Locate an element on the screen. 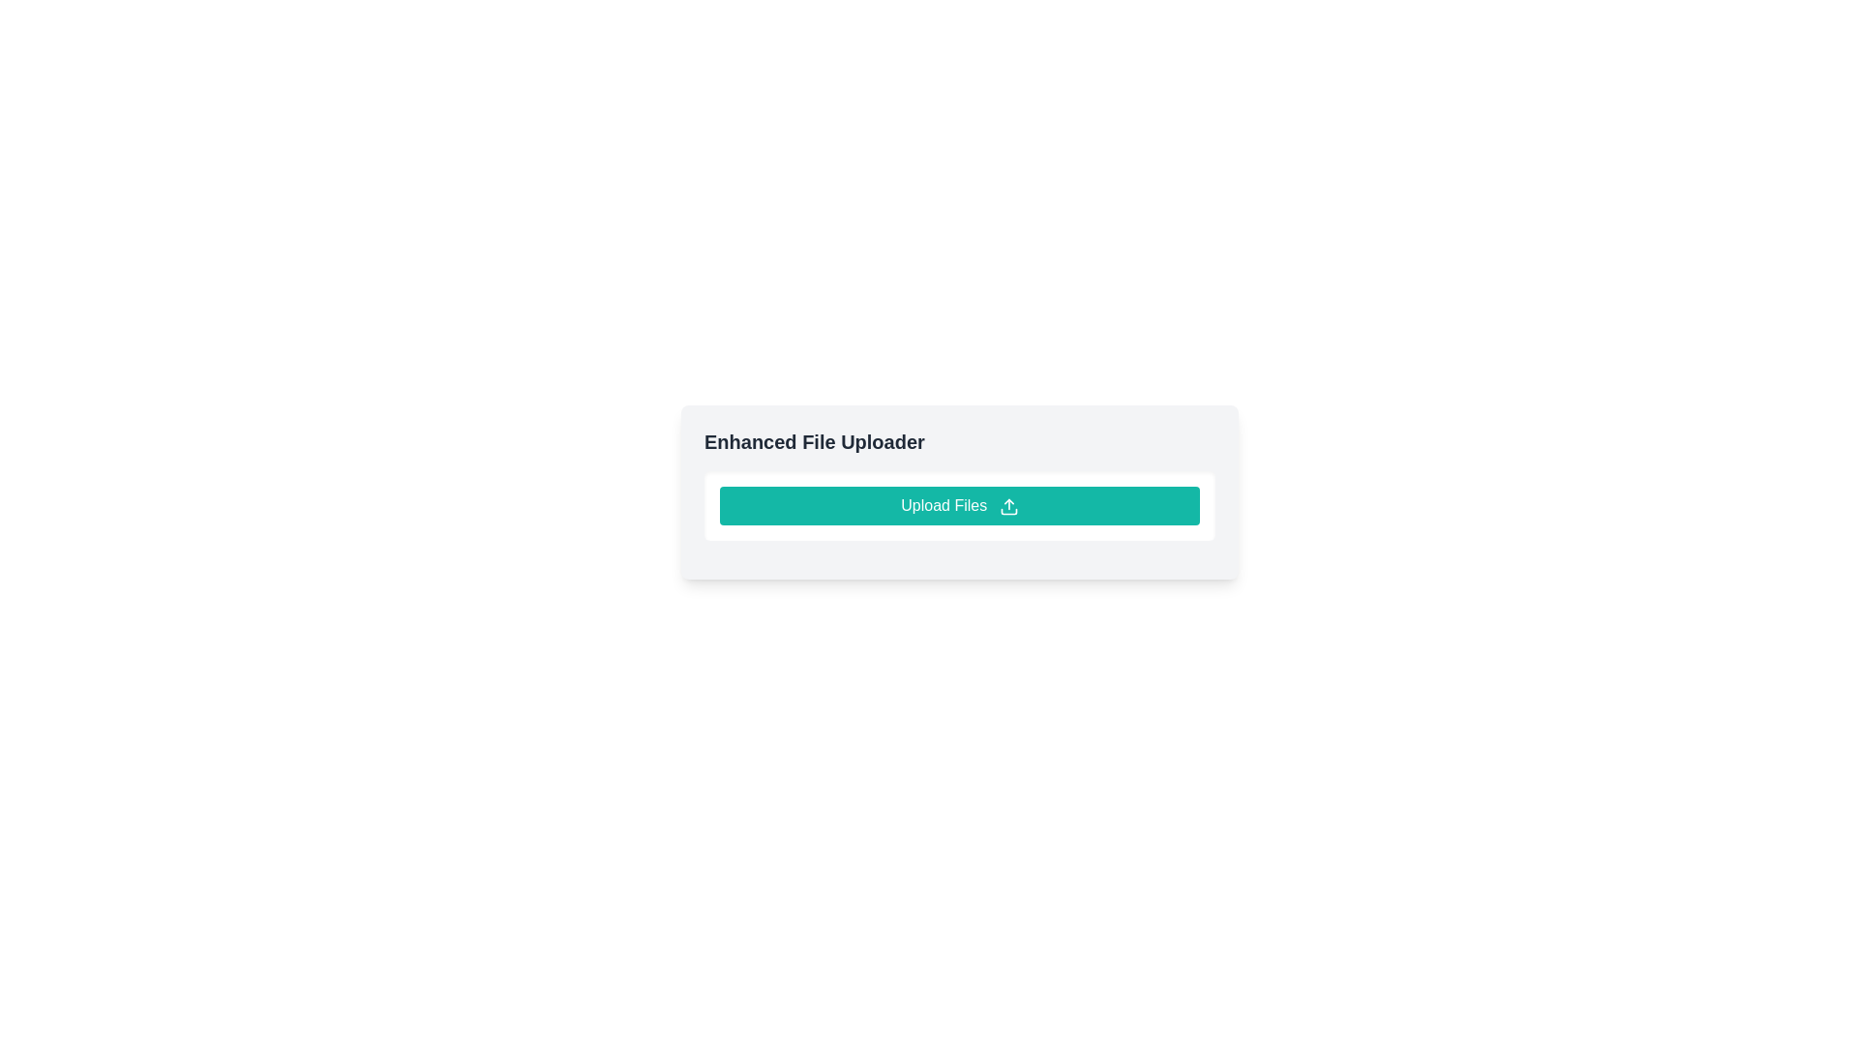  the static text label reading 'Enhanced File Uploader', which is prominently displayed in a bold, large font at the top-left corner of its UI card is located at coordinates (814, 441).